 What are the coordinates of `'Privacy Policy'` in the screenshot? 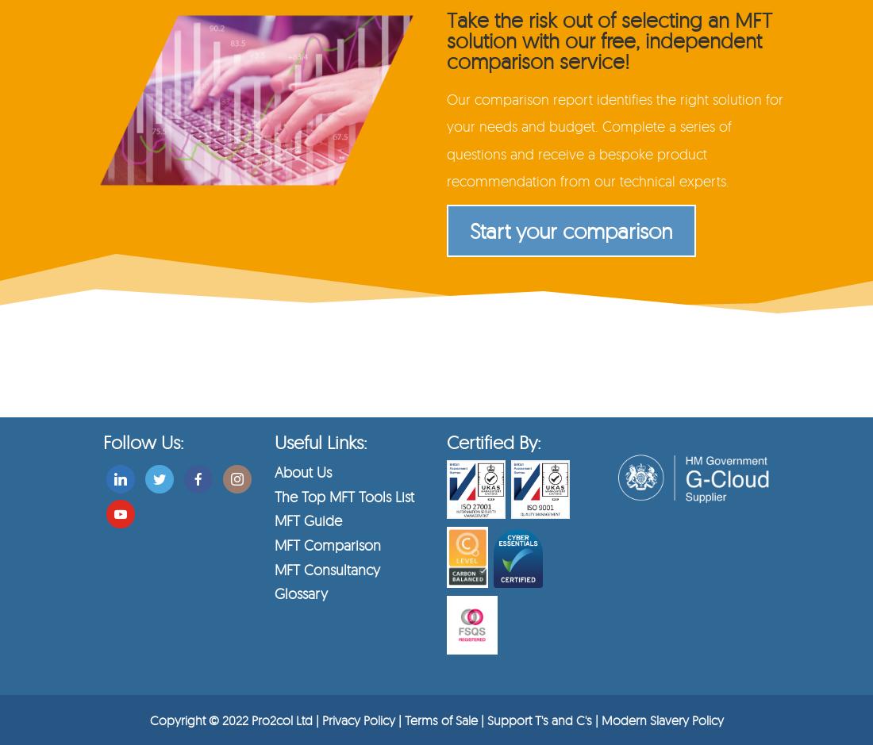 It's located at (321, 718).